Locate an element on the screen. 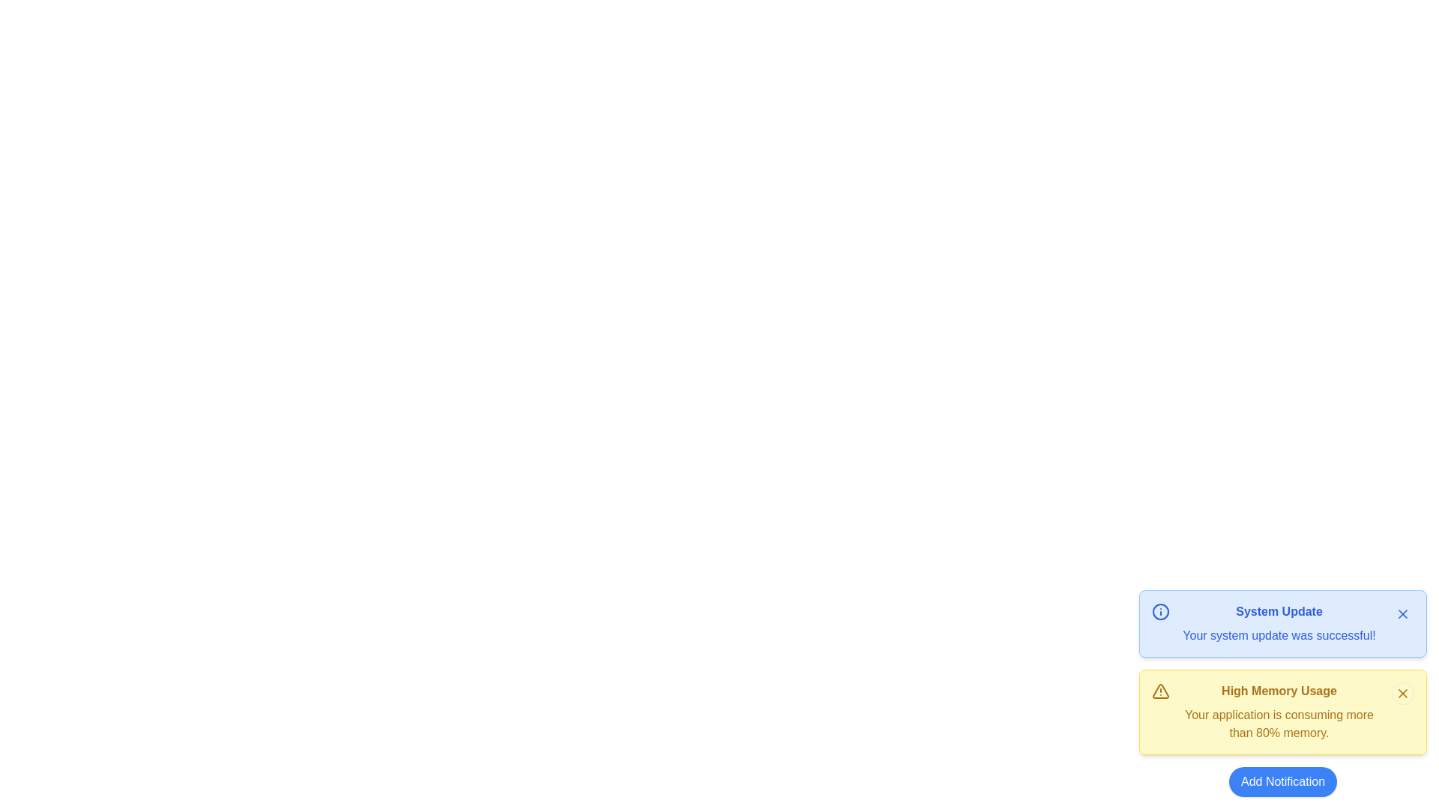 The height and width of the screenshot is (809, 1439). the close button located in the top-right corner of the blue notification card labeled 'System Update' is located at coordinates (1402, 614).